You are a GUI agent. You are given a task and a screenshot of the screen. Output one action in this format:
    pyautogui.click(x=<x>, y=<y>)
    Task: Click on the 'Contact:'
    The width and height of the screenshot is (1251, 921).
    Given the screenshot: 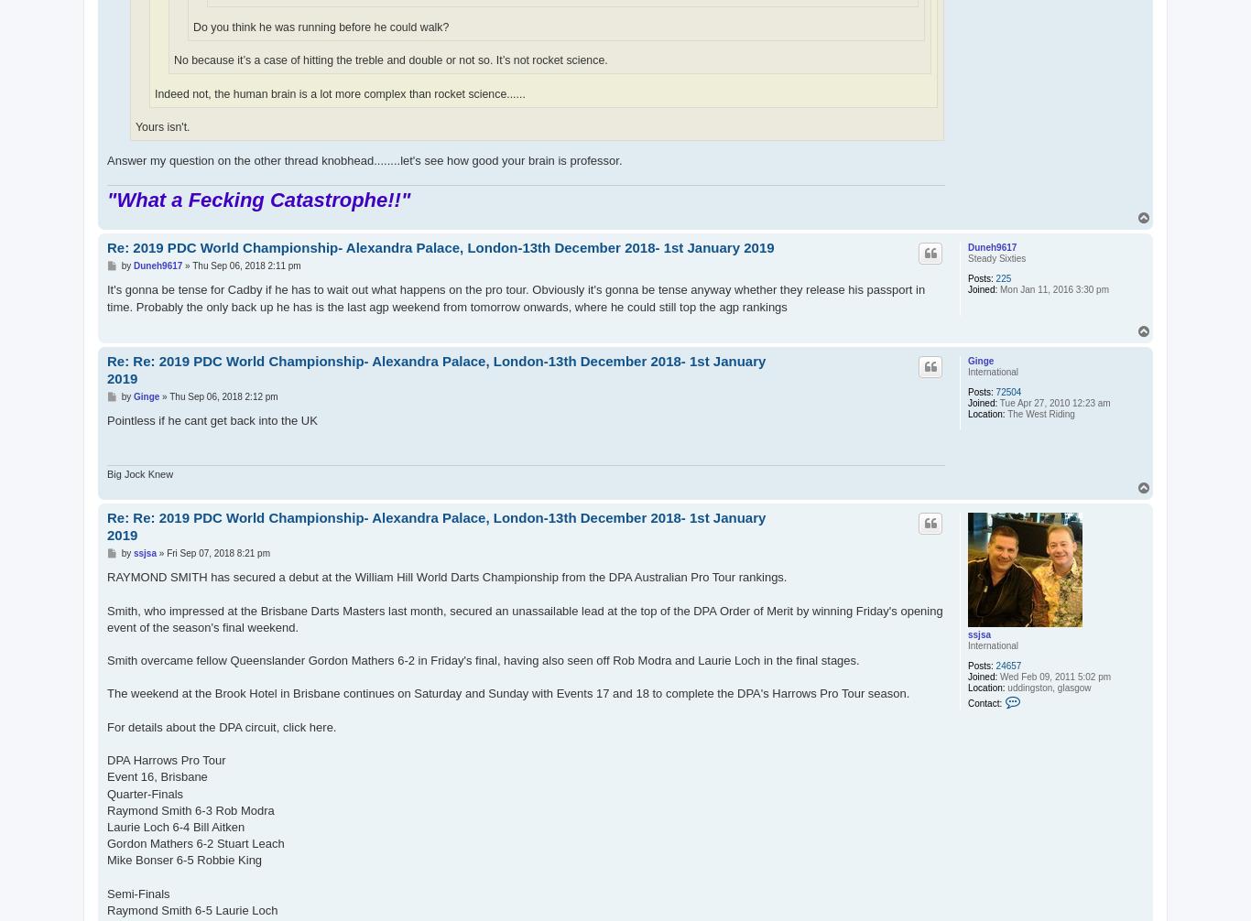 What is the action you would take?
    pyautogui.click(x=984, y=702)
    